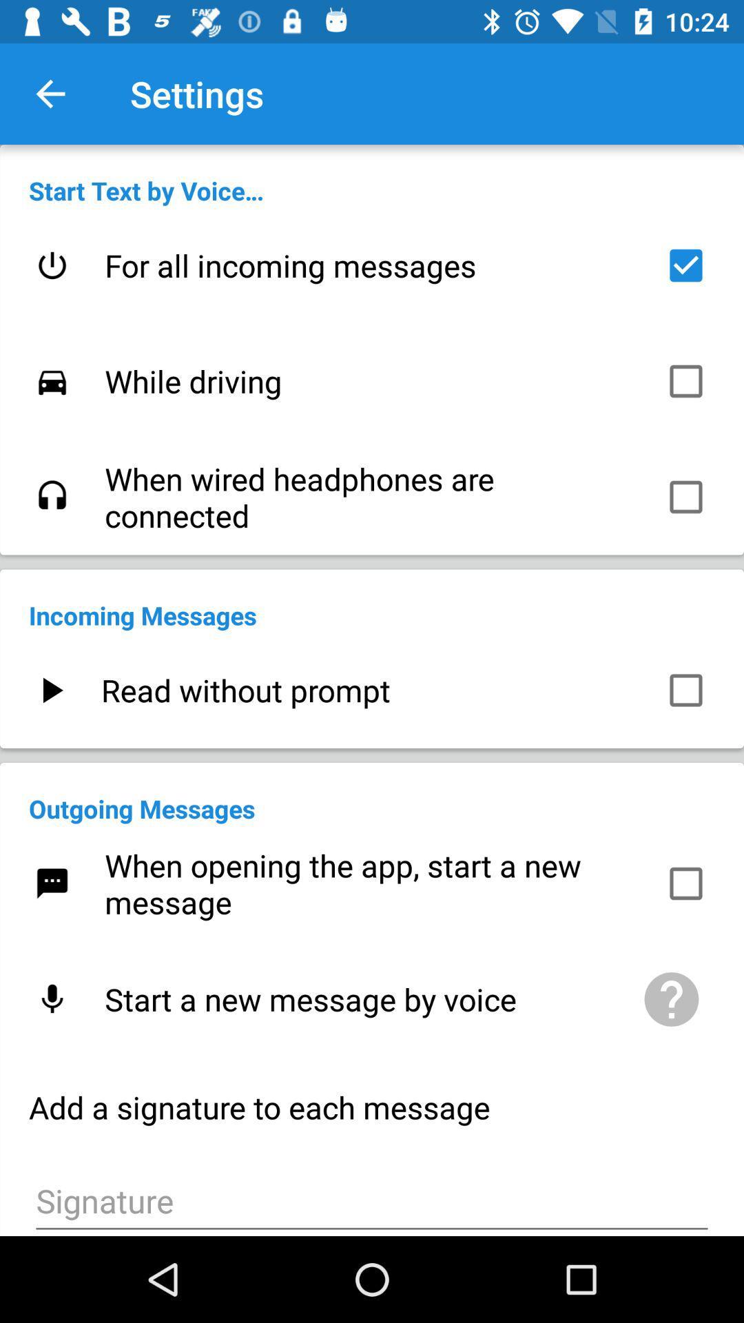 The image size is (744, 1323). I want to click on item to the left of settings, so click(50, 93).